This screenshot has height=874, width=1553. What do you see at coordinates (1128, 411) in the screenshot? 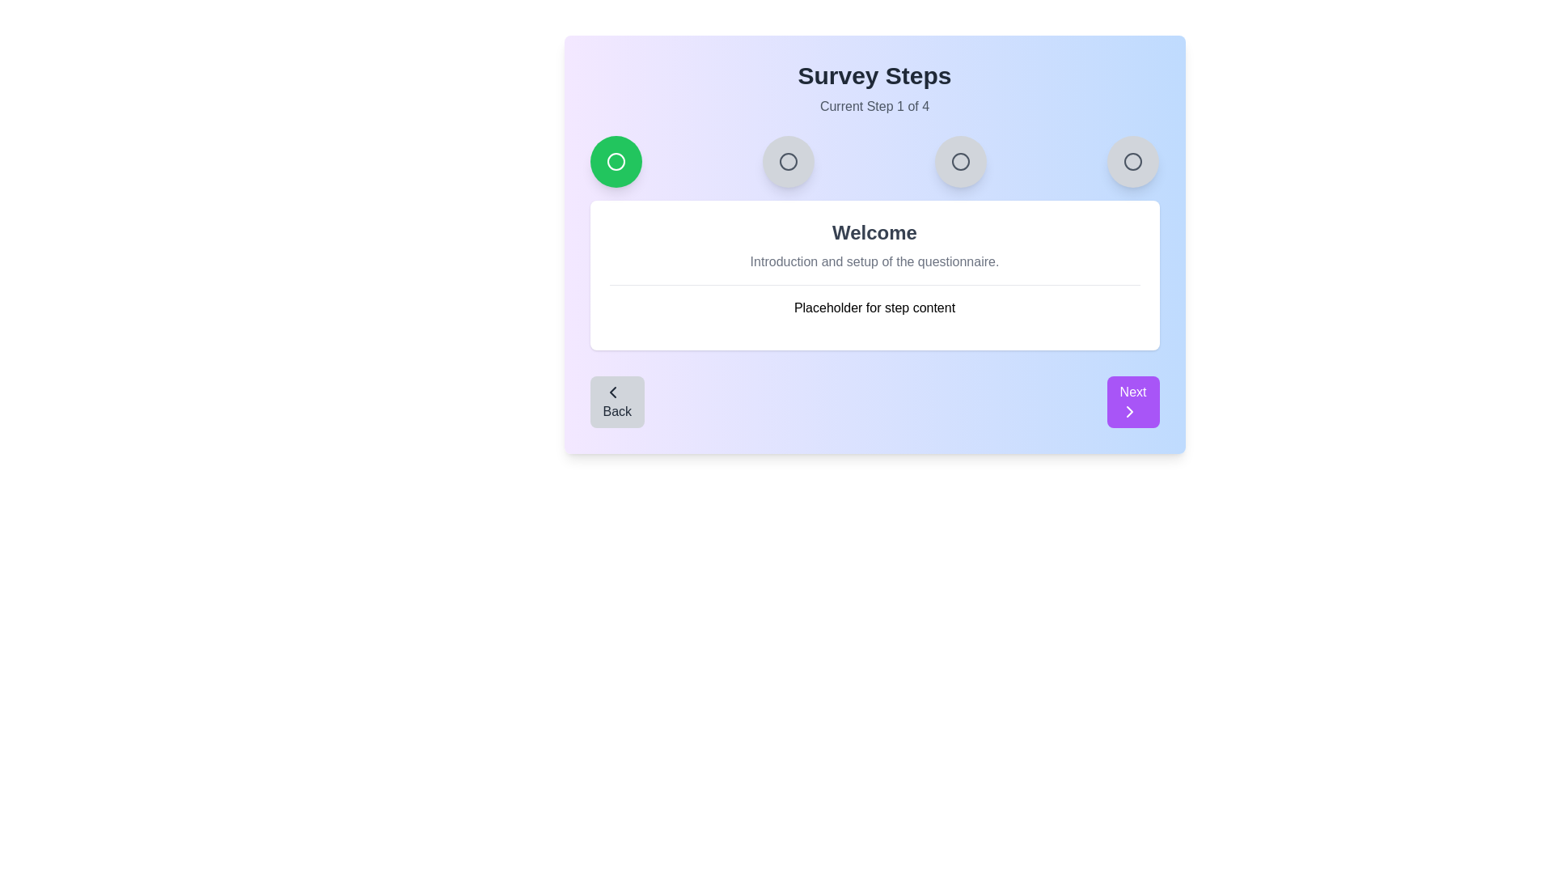
I see `the rightward chevron arrow icon located within the 'Next' button, which has a purple background and white text` at bounding box center [1128, 411].